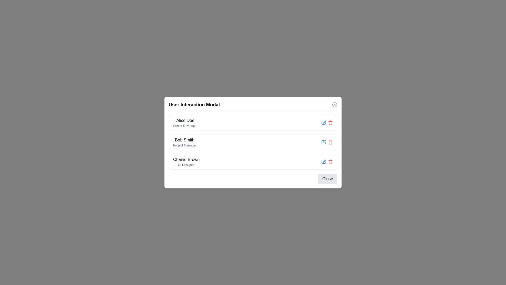 This screenshot has height=285, width=506. I want to click on the Text label block displaying the name and title of an individual, located below 'Alice Doe' and above 'Charlie Brown' in the modal dialog, so click(184, 142).